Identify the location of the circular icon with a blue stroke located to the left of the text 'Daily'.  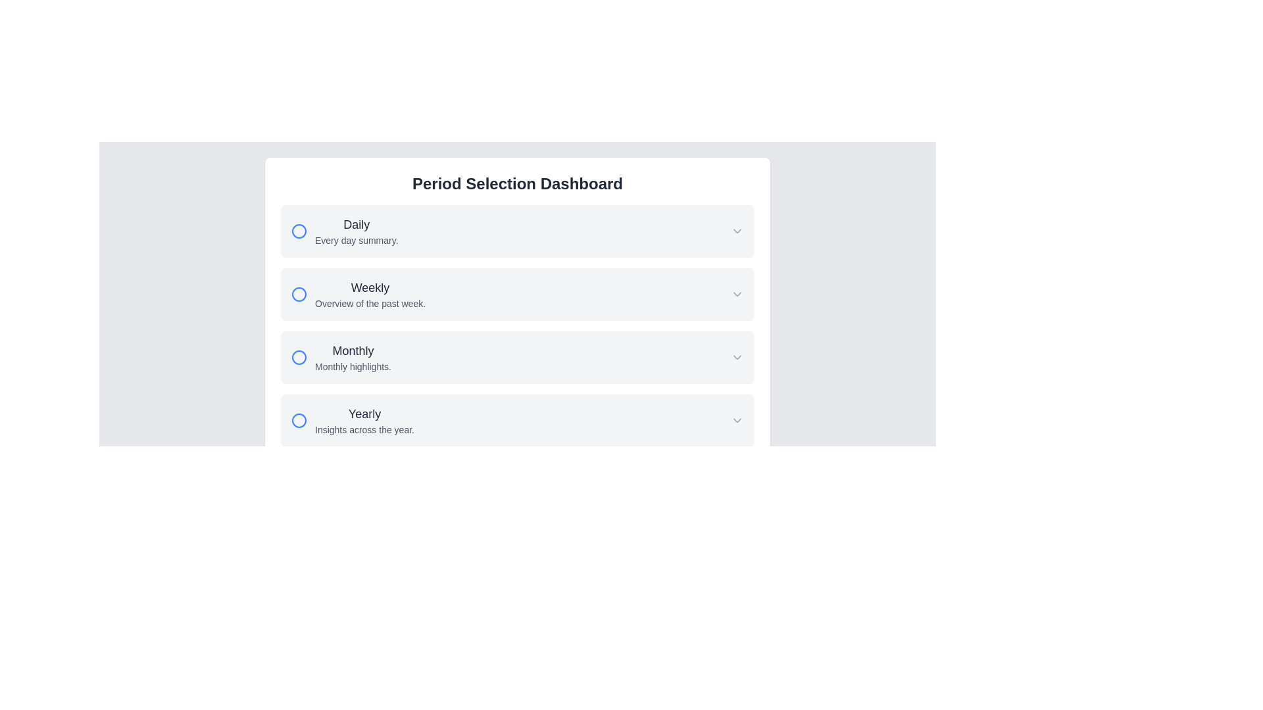
(299, 230).